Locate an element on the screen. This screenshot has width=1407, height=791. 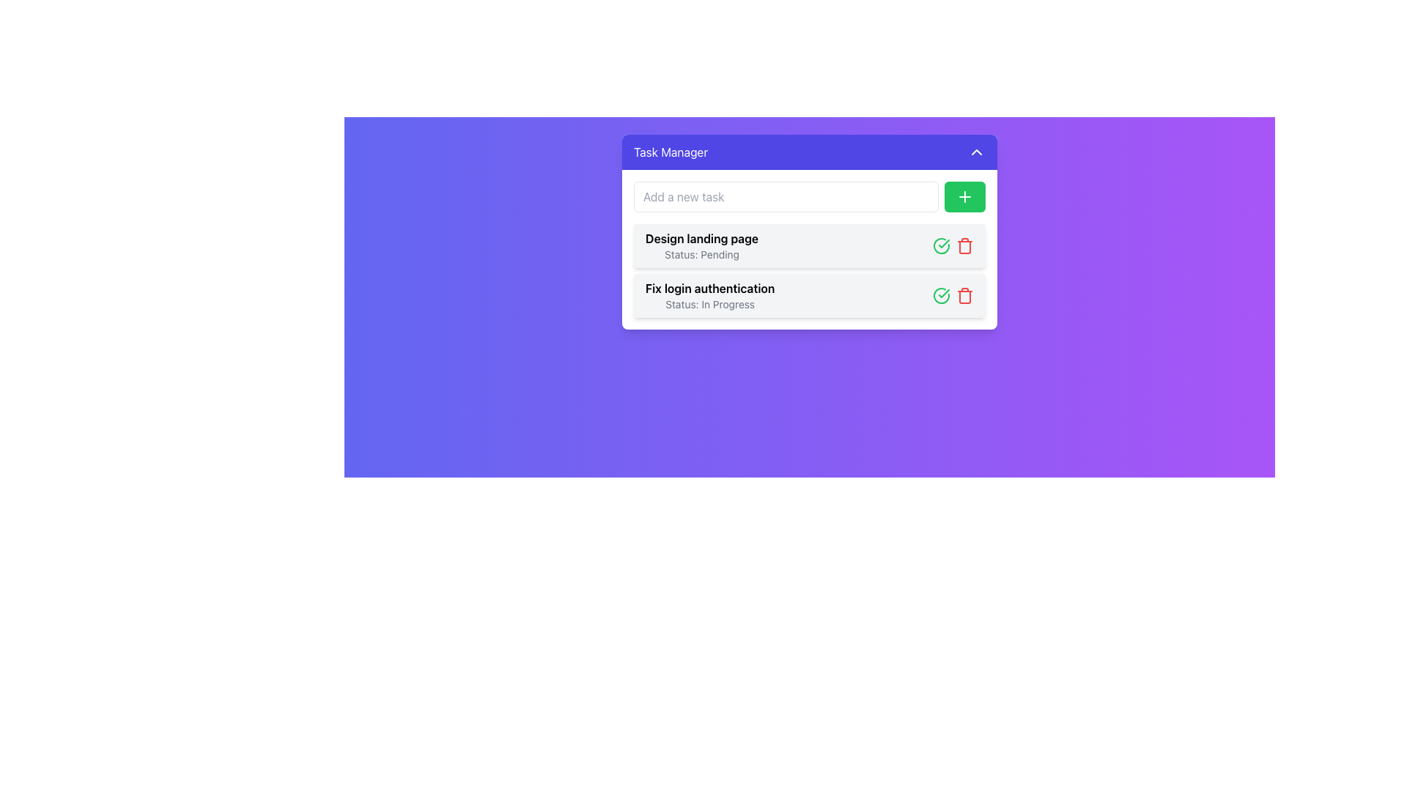
the add task button located at the far-right end of the row below the 'Task Manager' title is located at coordinates (964, 196).